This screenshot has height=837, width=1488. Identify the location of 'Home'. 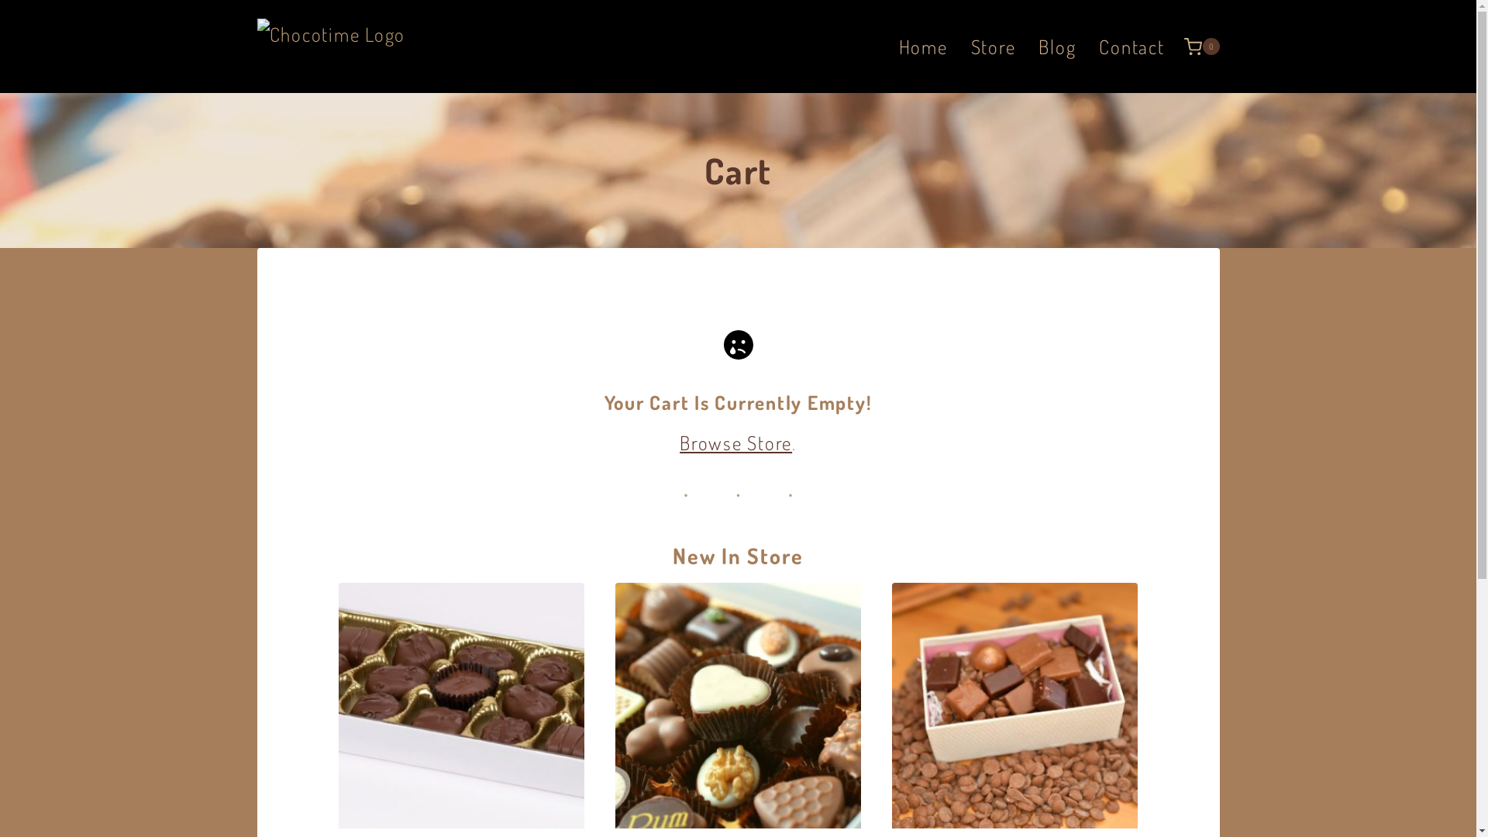
(923, 45).